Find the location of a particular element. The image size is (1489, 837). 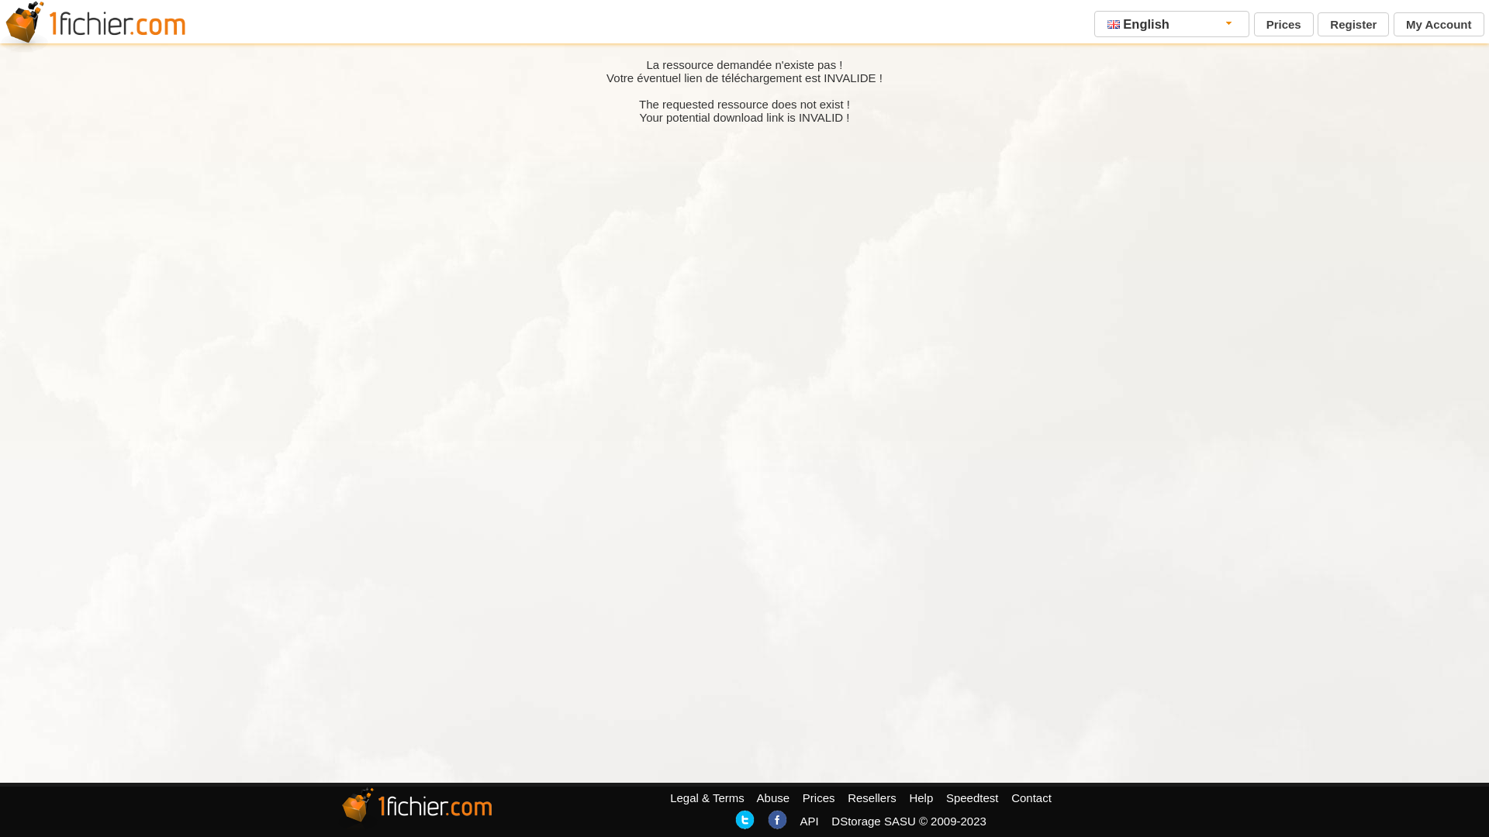

'Abuse' is located at coordinates (756, 797).